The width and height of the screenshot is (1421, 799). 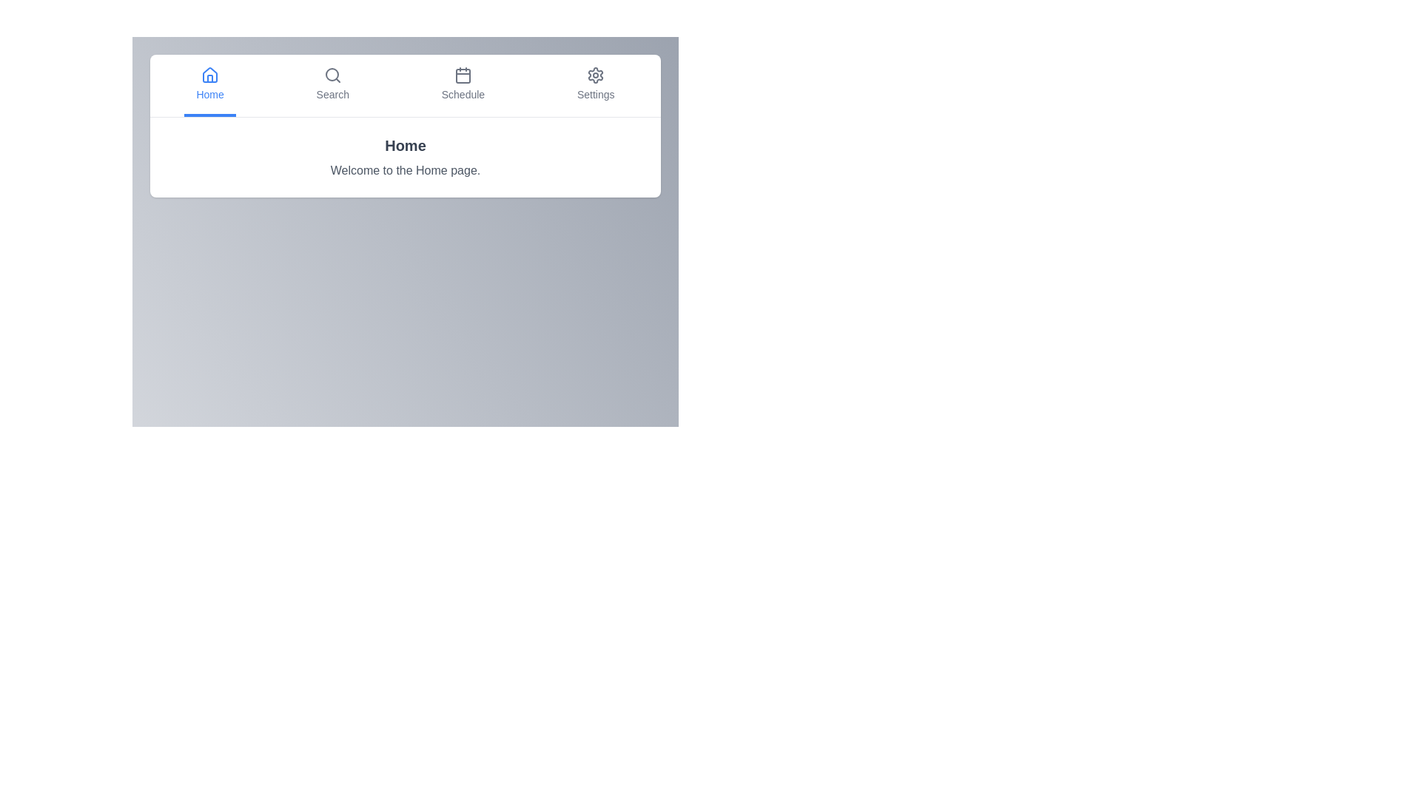 I want to click on the tab labeled Search, so click(x=332, y=85).